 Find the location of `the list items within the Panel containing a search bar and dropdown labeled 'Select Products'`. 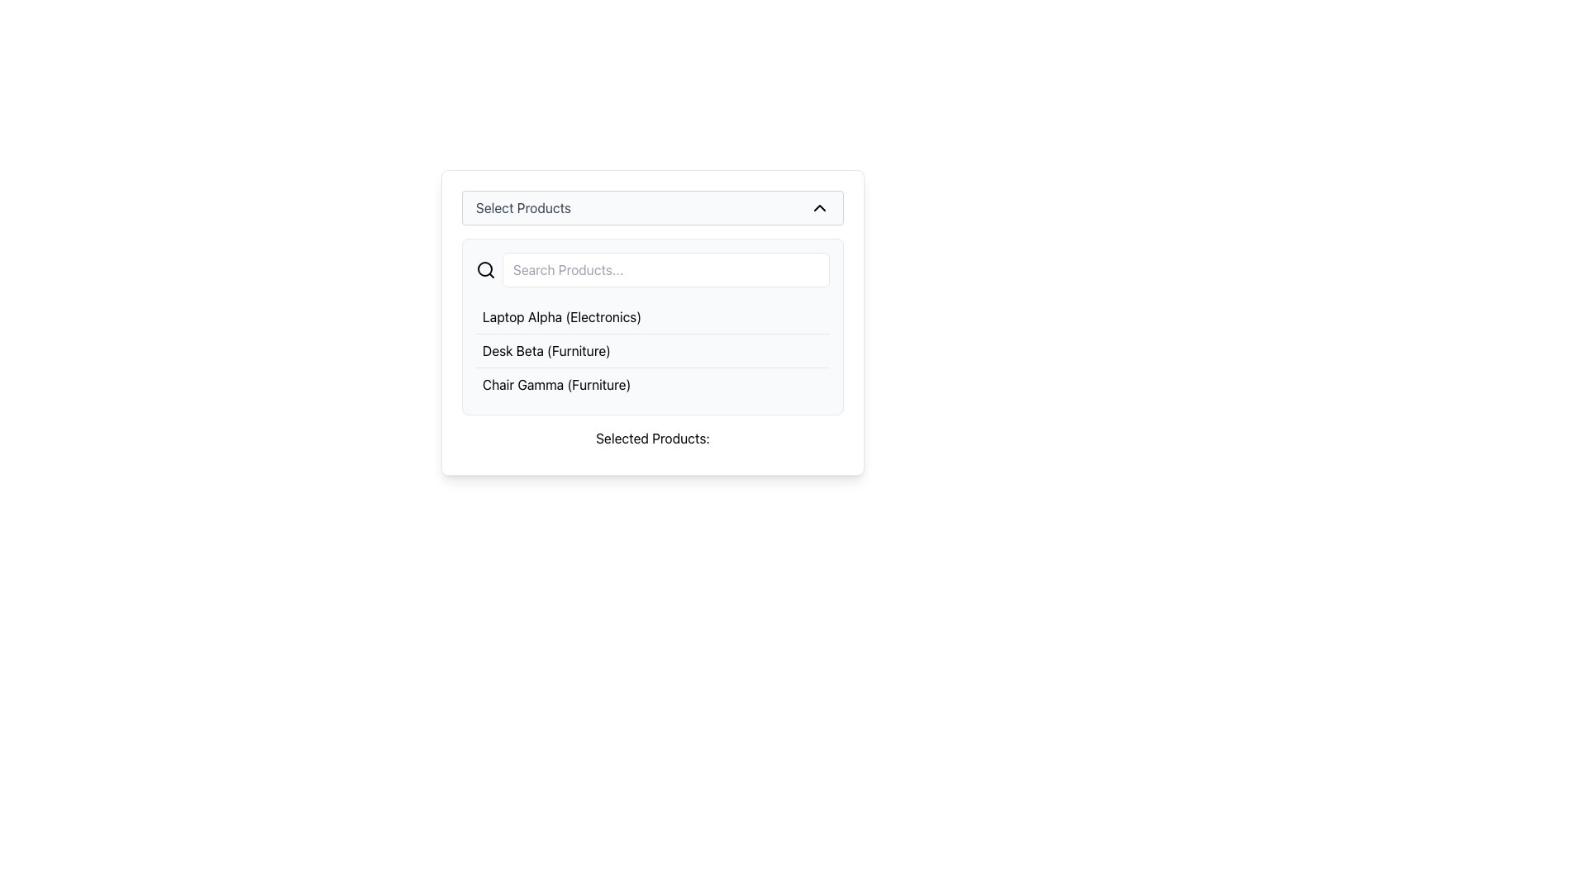

the list items within the Panel containing a search bar and dropdown labeled 'Select Products' is located at coordinates (652, 322).